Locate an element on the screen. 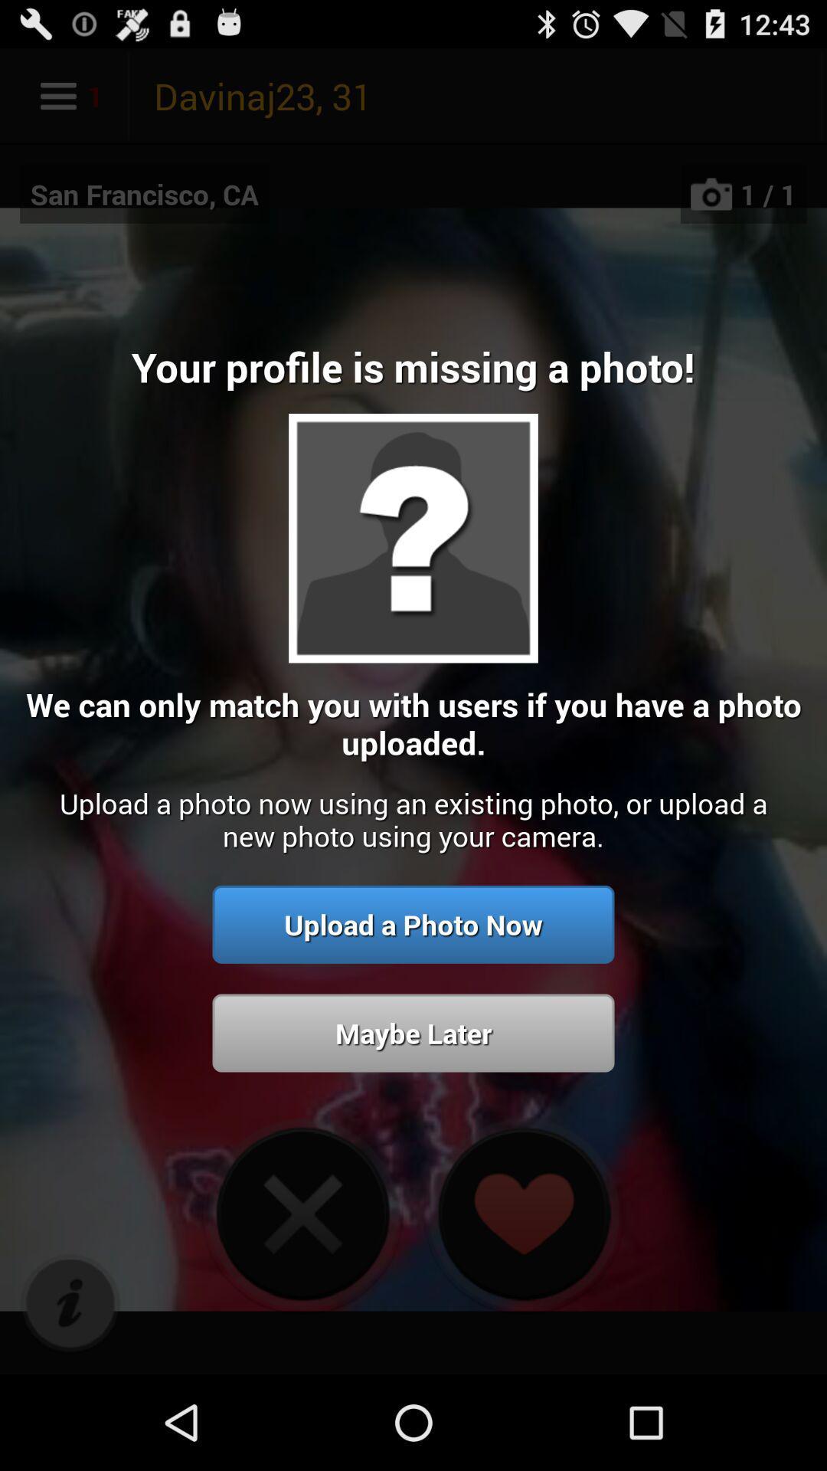 Image resolution: width=827 pixels, height=1471 pixels. the maybe later button is located at coordinates (413, 1033).